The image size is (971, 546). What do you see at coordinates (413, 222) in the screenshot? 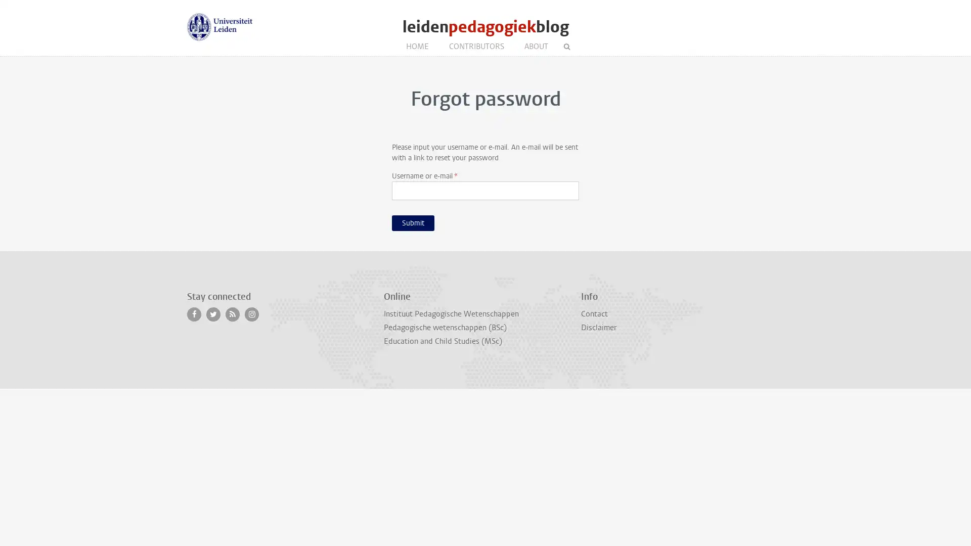
I see `Submit` at bounding box center [413, 222].